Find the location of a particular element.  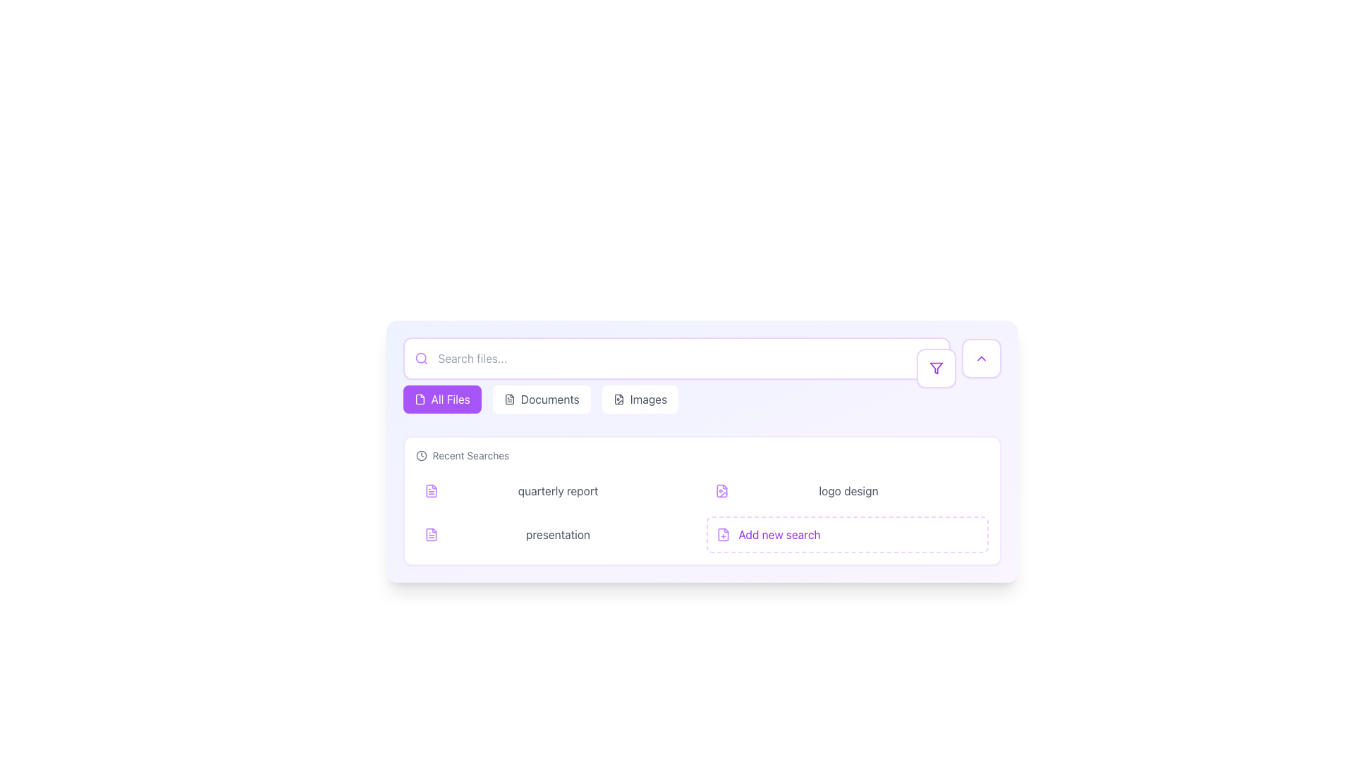

the middle navigation button labeled 'Documents' to filter and display only the document files is located at coordinates (541, 400).